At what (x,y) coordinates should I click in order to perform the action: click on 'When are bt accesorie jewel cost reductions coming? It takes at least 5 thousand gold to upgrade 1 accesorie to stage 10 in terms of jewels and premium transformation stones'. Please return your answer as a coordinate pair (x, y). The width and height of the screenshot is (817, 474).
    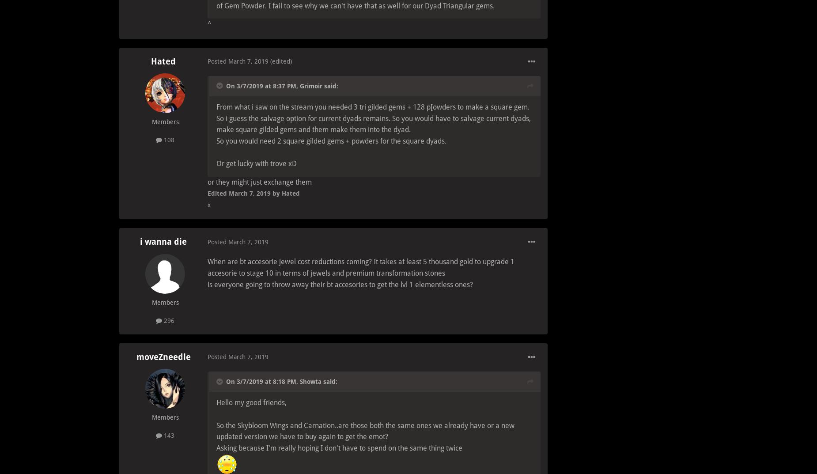
    Looking at the image, I should click on (361, 267).